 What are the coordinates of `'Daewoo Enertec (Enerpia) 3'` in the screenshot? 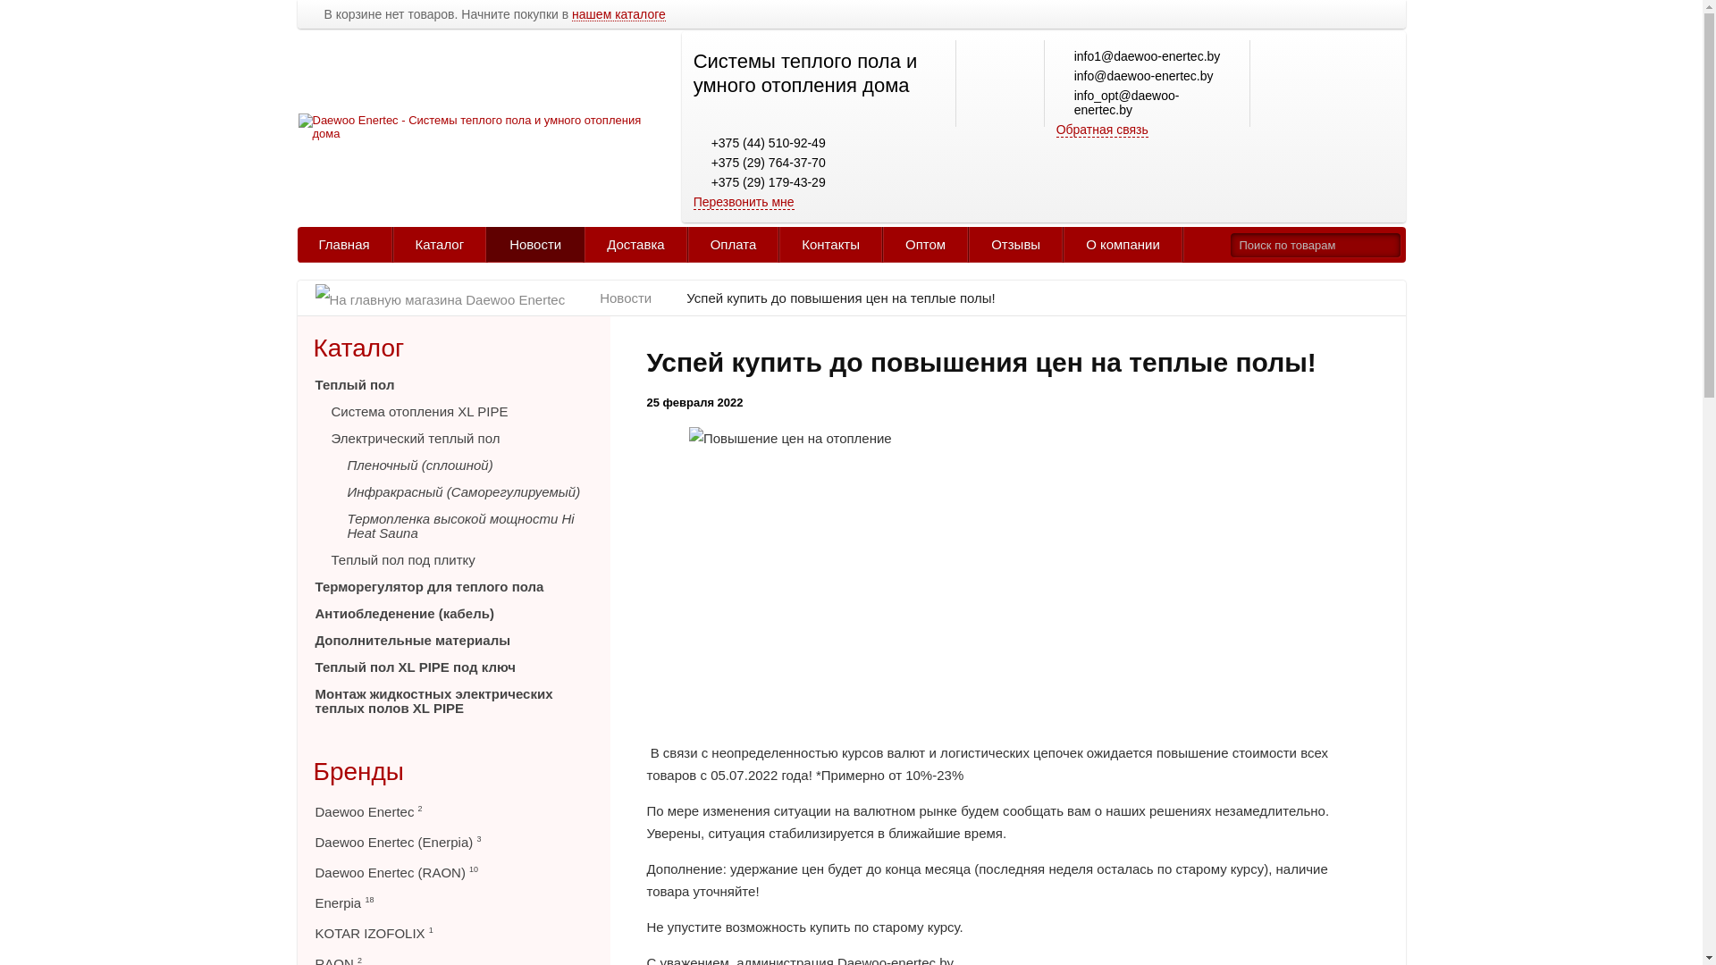 It's located at (296, 841).